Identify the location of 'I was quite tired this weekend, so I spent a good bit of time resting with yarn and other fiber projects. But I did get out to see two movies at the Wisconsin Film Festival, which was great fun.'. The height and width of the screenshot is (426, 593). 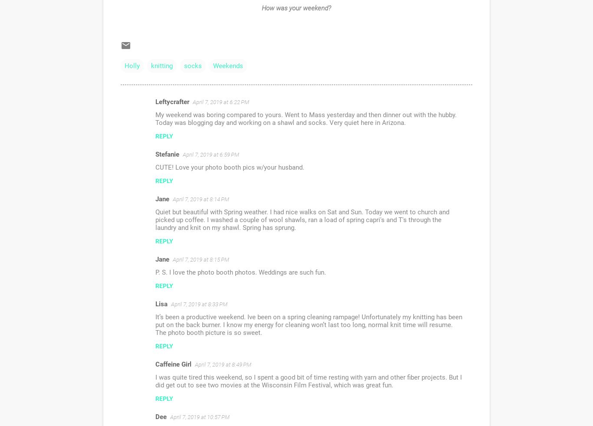
(309, 381).